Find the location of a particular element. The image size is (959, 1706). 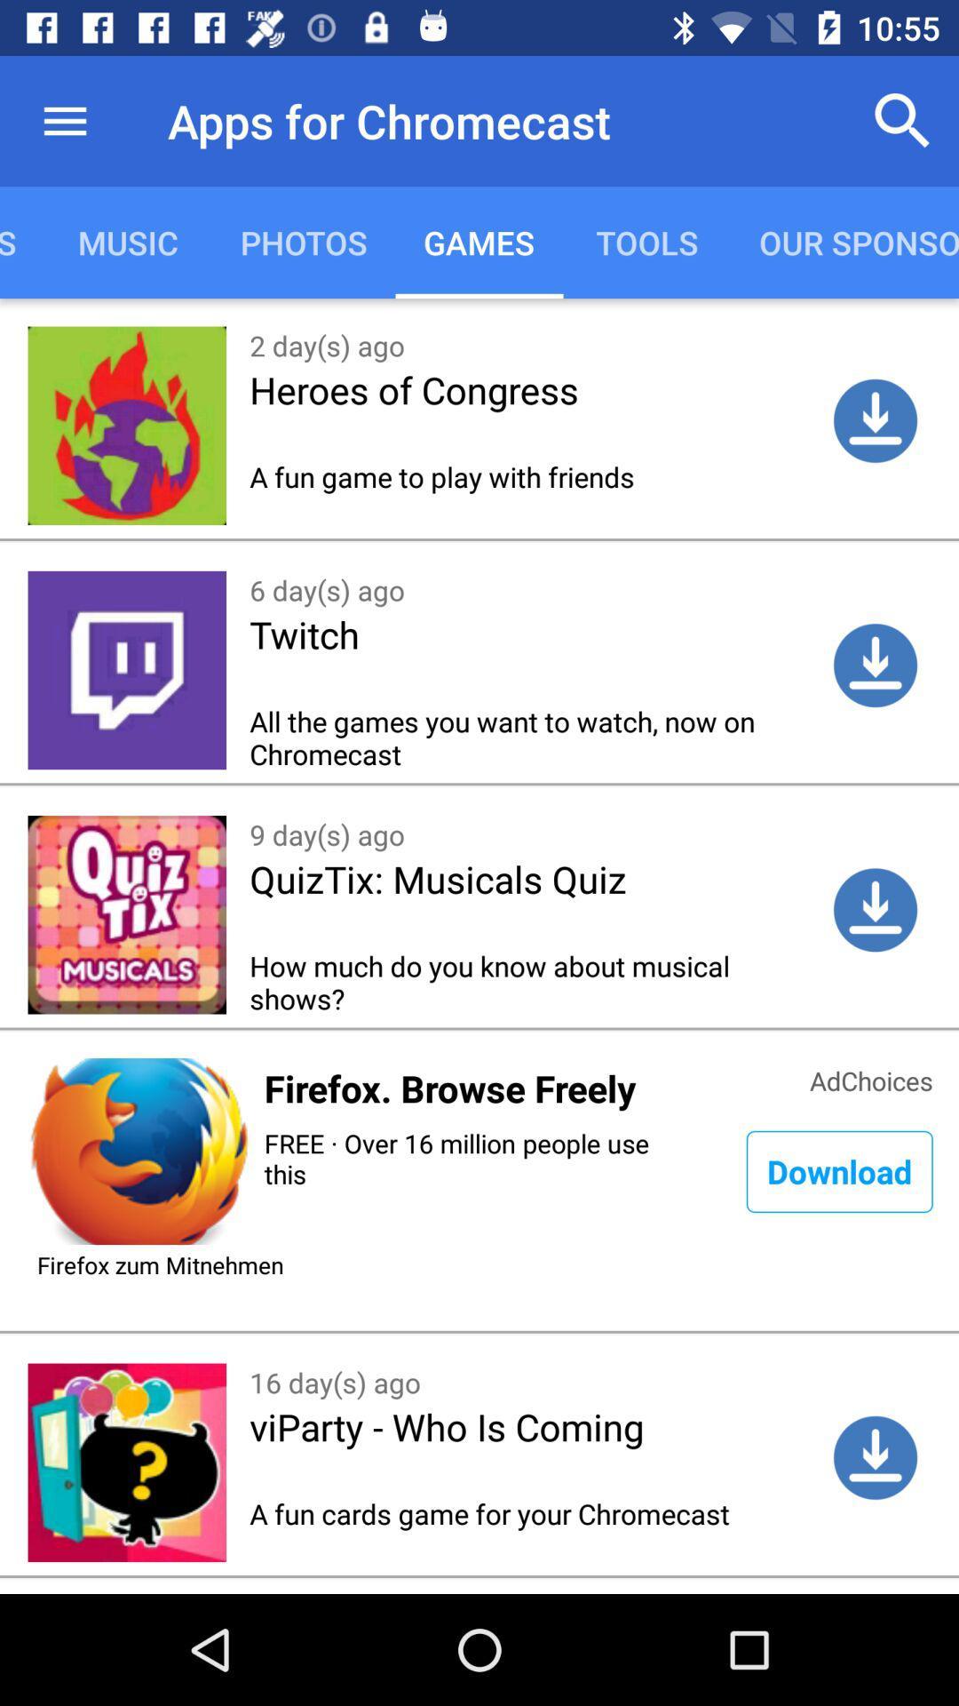

the item next to apps for chromecast icon is located at coordinates (64, 120).